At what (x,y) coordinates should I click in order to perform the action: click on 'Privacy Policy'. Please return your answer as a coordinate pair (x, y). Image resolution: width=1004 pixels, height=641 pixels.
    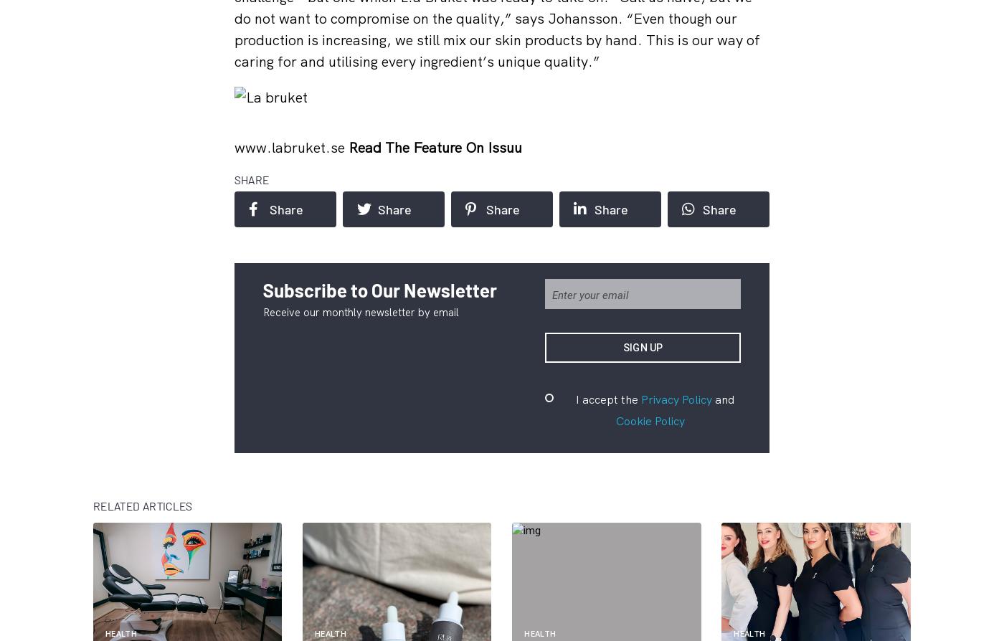
    Looking at the image, I should click on (676, 399).